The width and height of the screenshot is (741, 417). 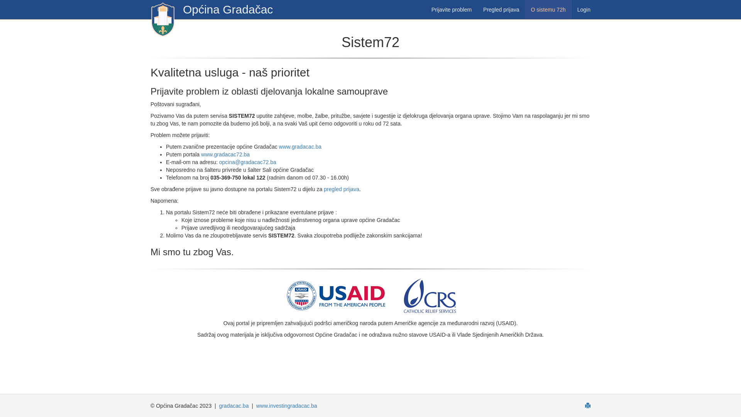 I want to click on 'pregled prijava', so click(x=341, y=189).